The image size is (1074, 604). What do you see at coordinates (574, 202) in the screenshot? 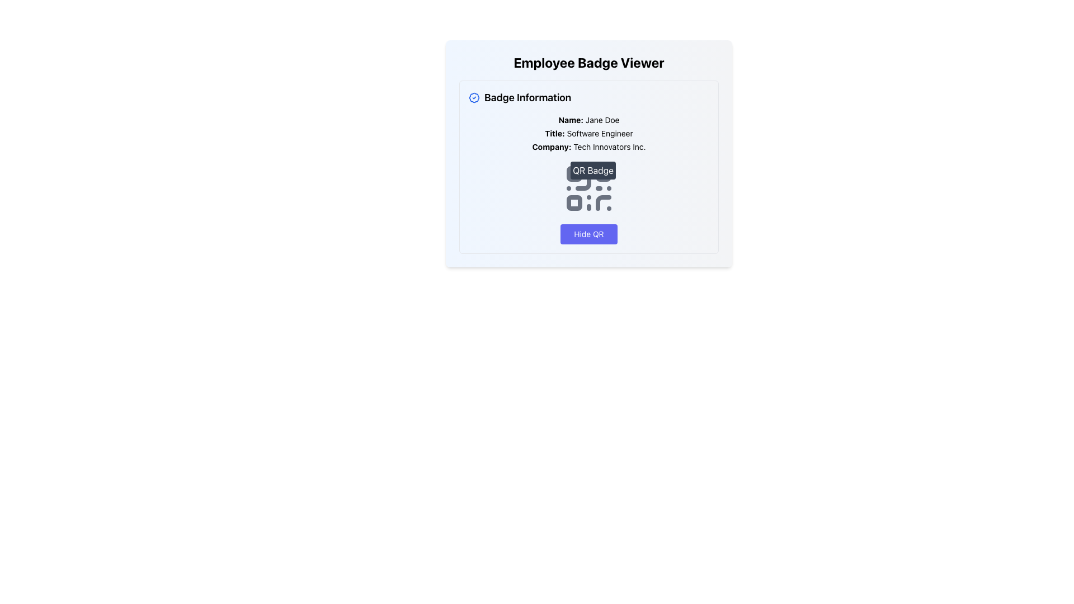
I see `the third small square in the bottom-left quadrant of the QR code graphic, which is a decorative graphical component contributing to the QR code's visual representation` at bounding box center [574, 202].